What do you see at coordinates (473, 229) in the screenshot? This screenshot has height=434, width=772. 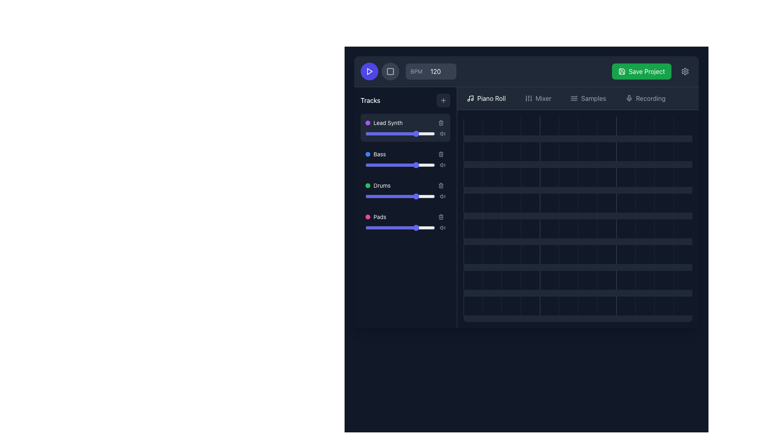 I see `the grid cell element in the sixth row and first column` at bounding box center [473, 229].